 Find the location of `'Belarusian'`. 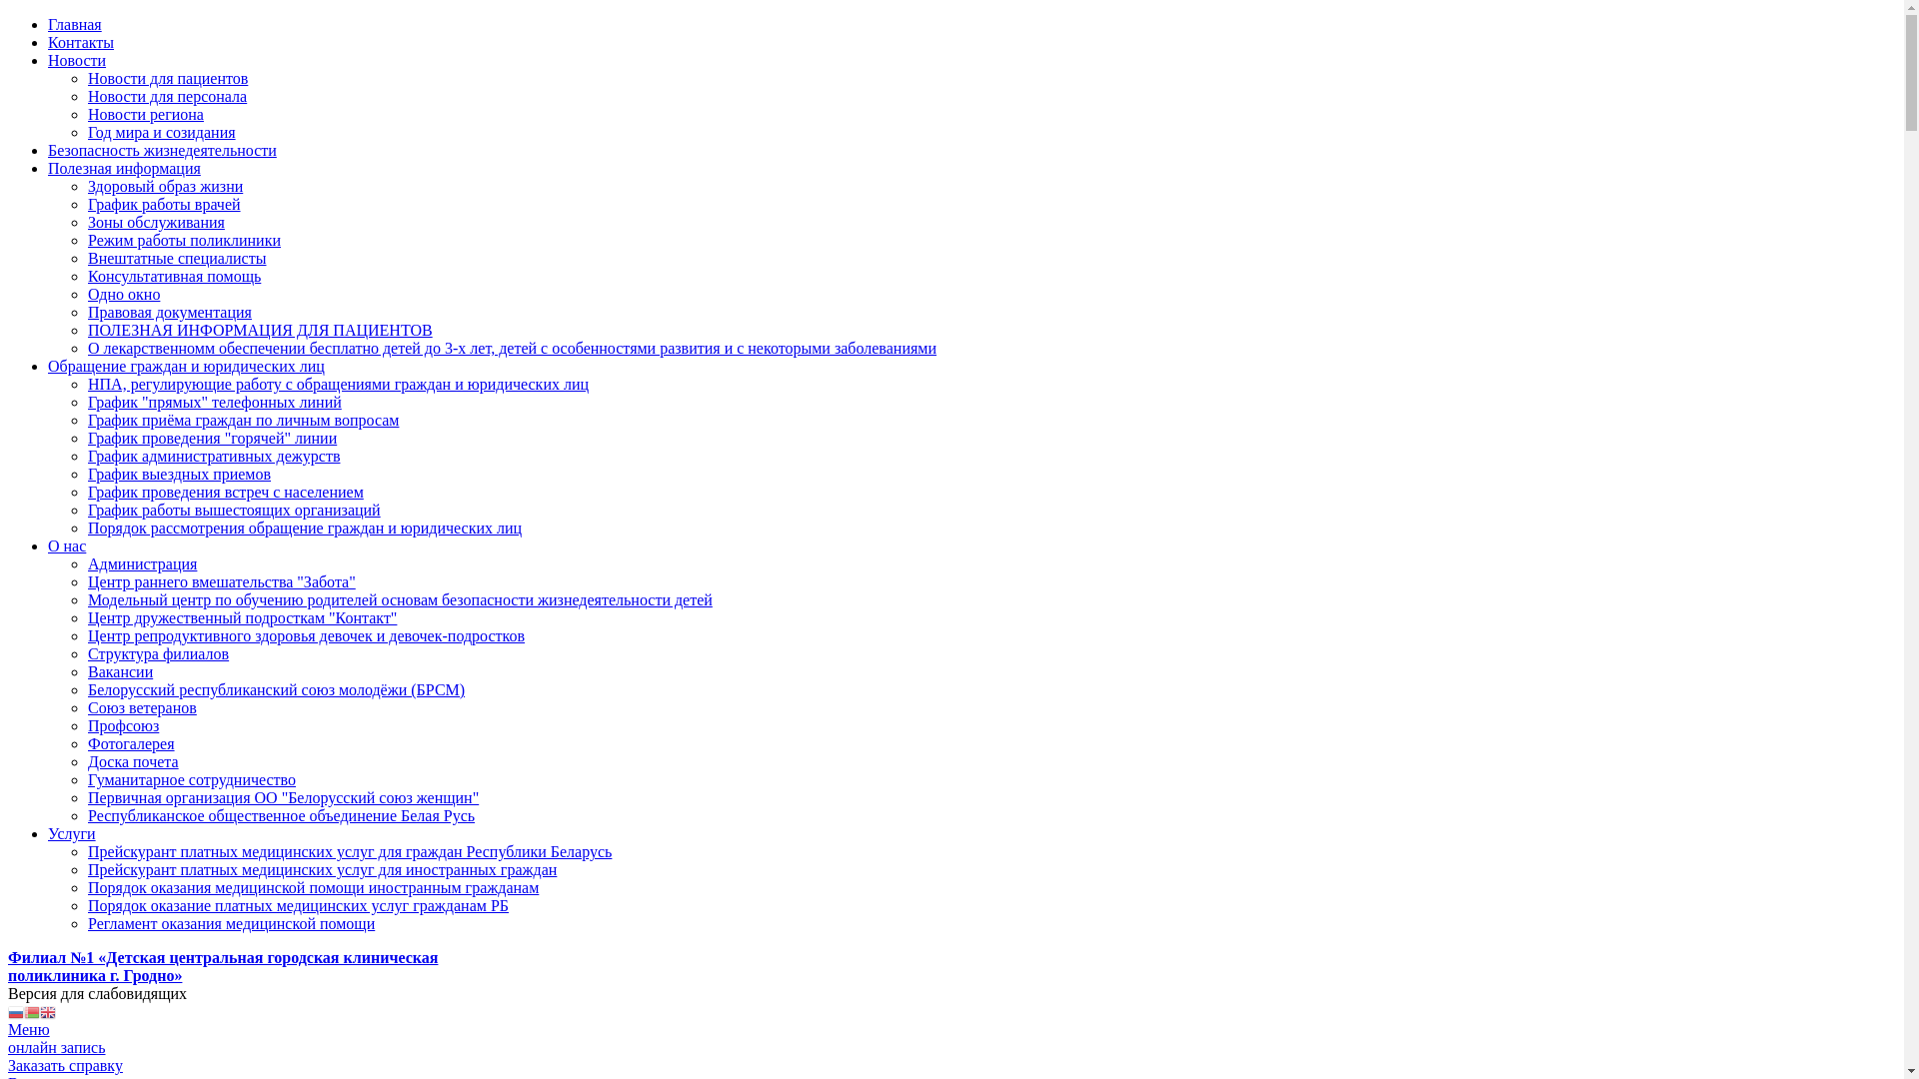

'Belarusian' is located at coordinates (32, 1011).